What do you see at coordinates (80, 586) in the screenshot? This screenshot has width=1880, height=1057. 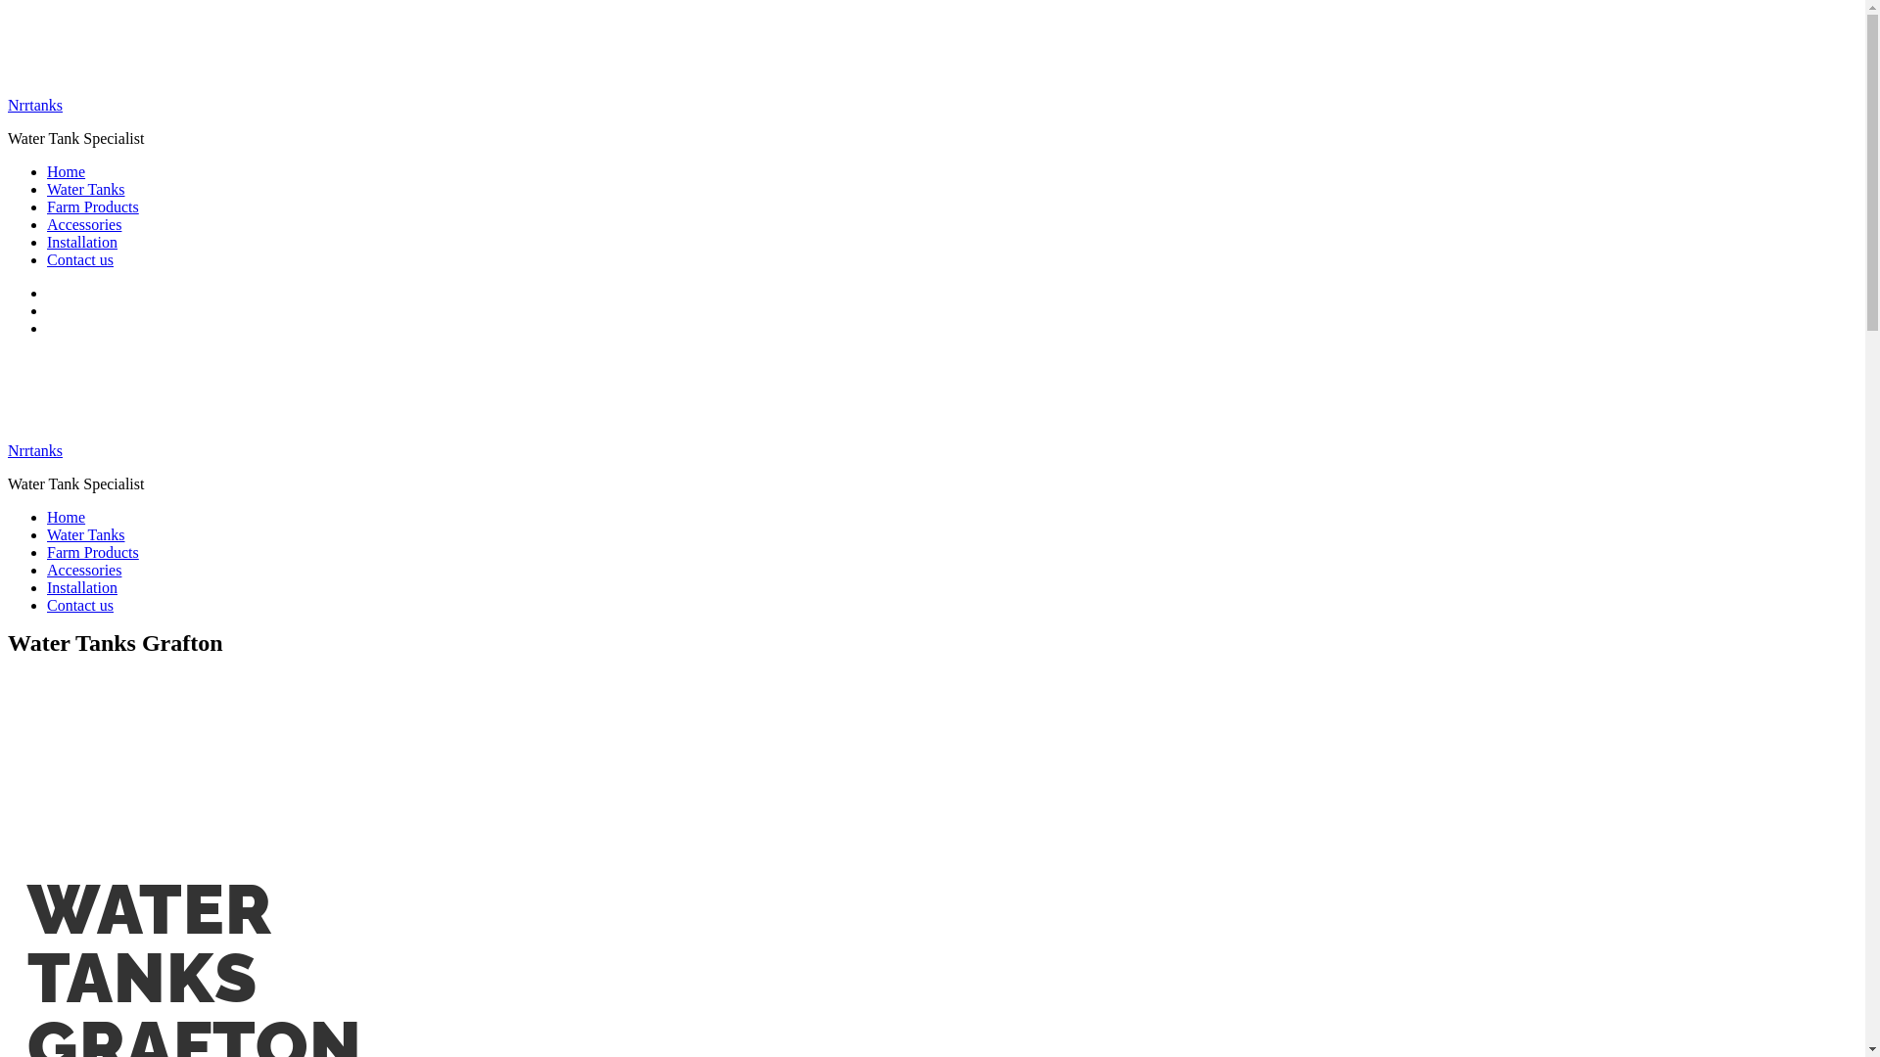 I see `'Installation'` at bounding box center [80, 586].